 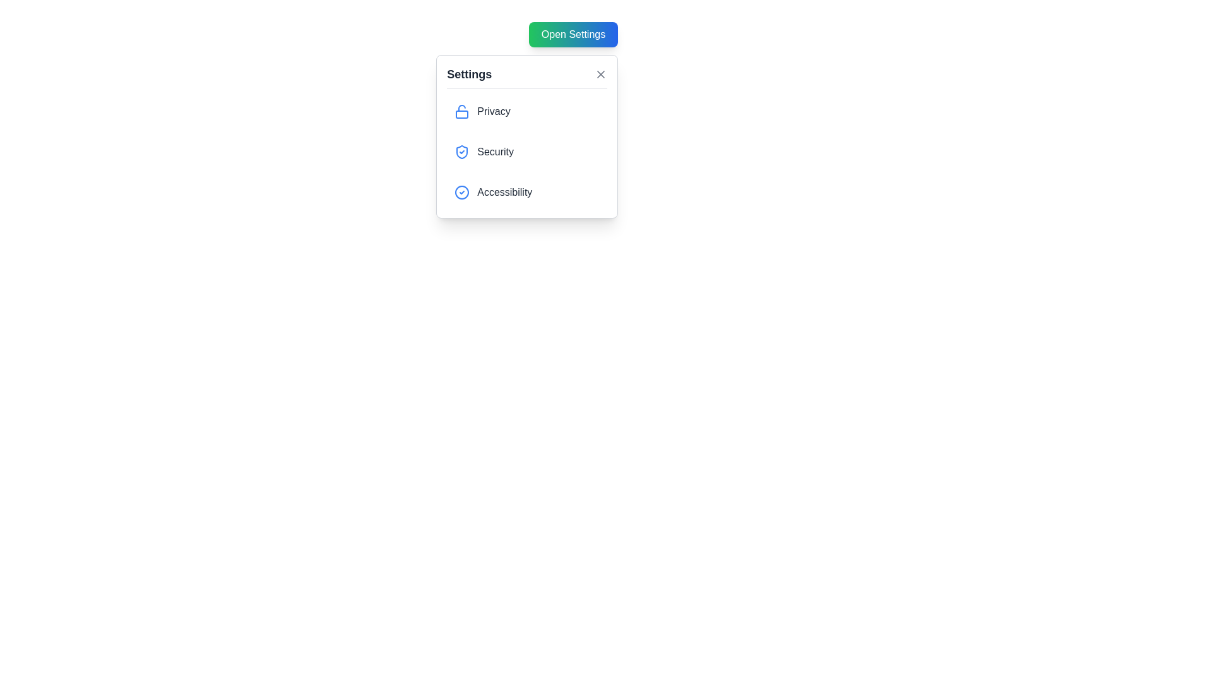 I want to click on the 'Security' option in the List element, so click(x=527, y=151).